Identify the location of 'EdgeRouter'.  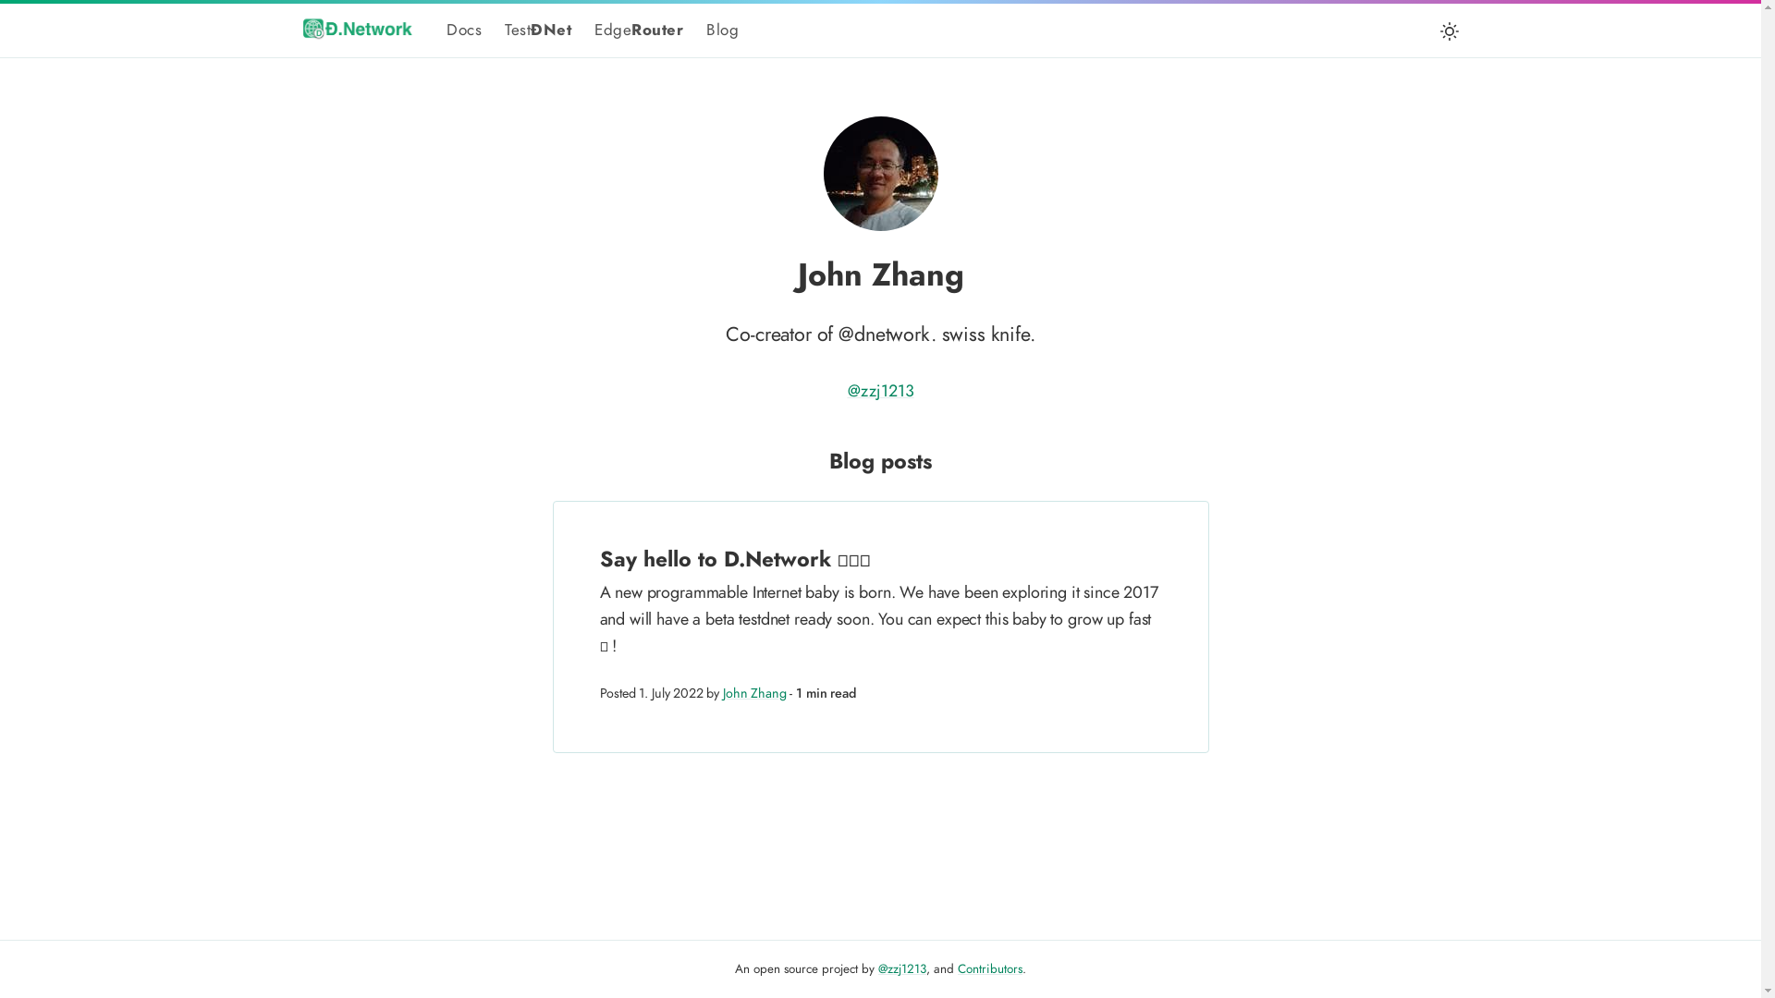
(639, 30).